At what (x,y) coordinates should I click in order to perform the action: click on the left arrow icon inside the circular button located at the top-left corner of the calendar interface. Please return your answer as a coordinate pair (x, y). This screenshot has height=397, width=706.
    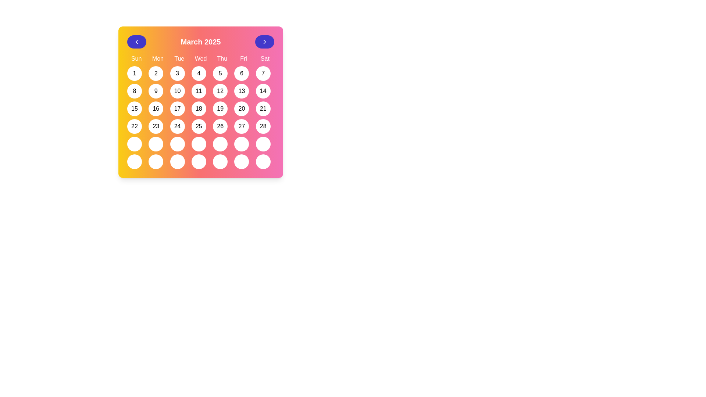
    Looking at the image, I should click on (137, 42).